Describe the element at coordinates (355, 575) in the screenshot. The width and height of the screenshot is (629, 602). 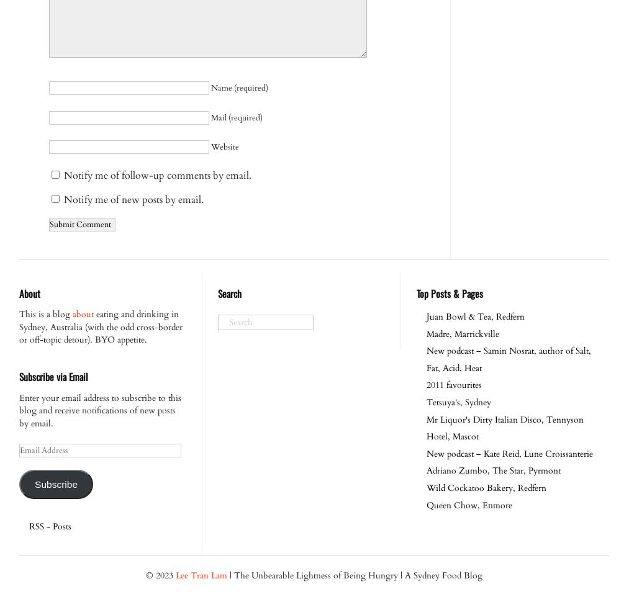
I see `'| The Unbearable Lightness of Being Hungry | A Sydney Food Blog'` at that location.